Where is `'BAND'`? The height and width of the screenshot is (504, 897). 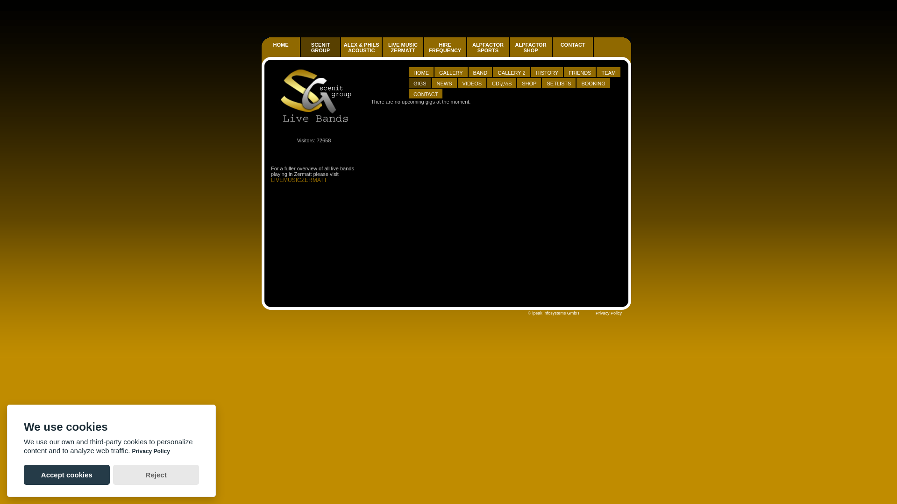 'BAND' is located at coordinates (480, 72).